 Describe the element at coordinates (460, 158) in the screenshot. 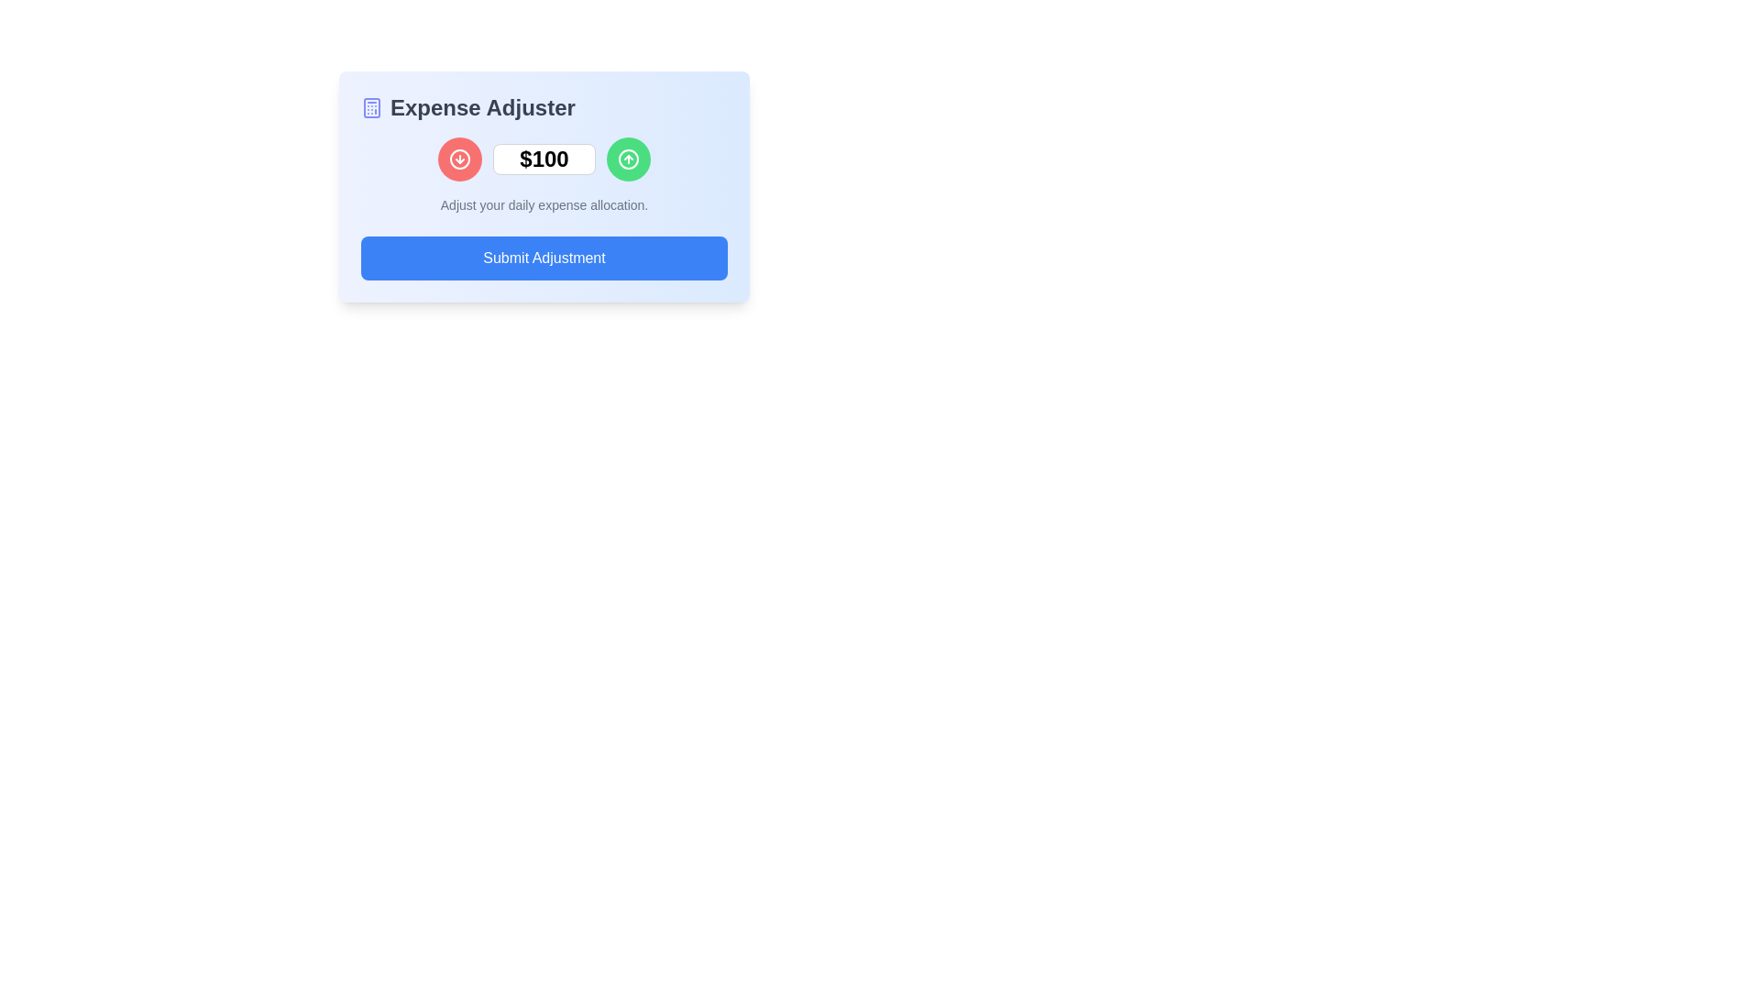

I see `the circular button with a red background and white border that contains a downward arrow icon to decrement the value` at that location.